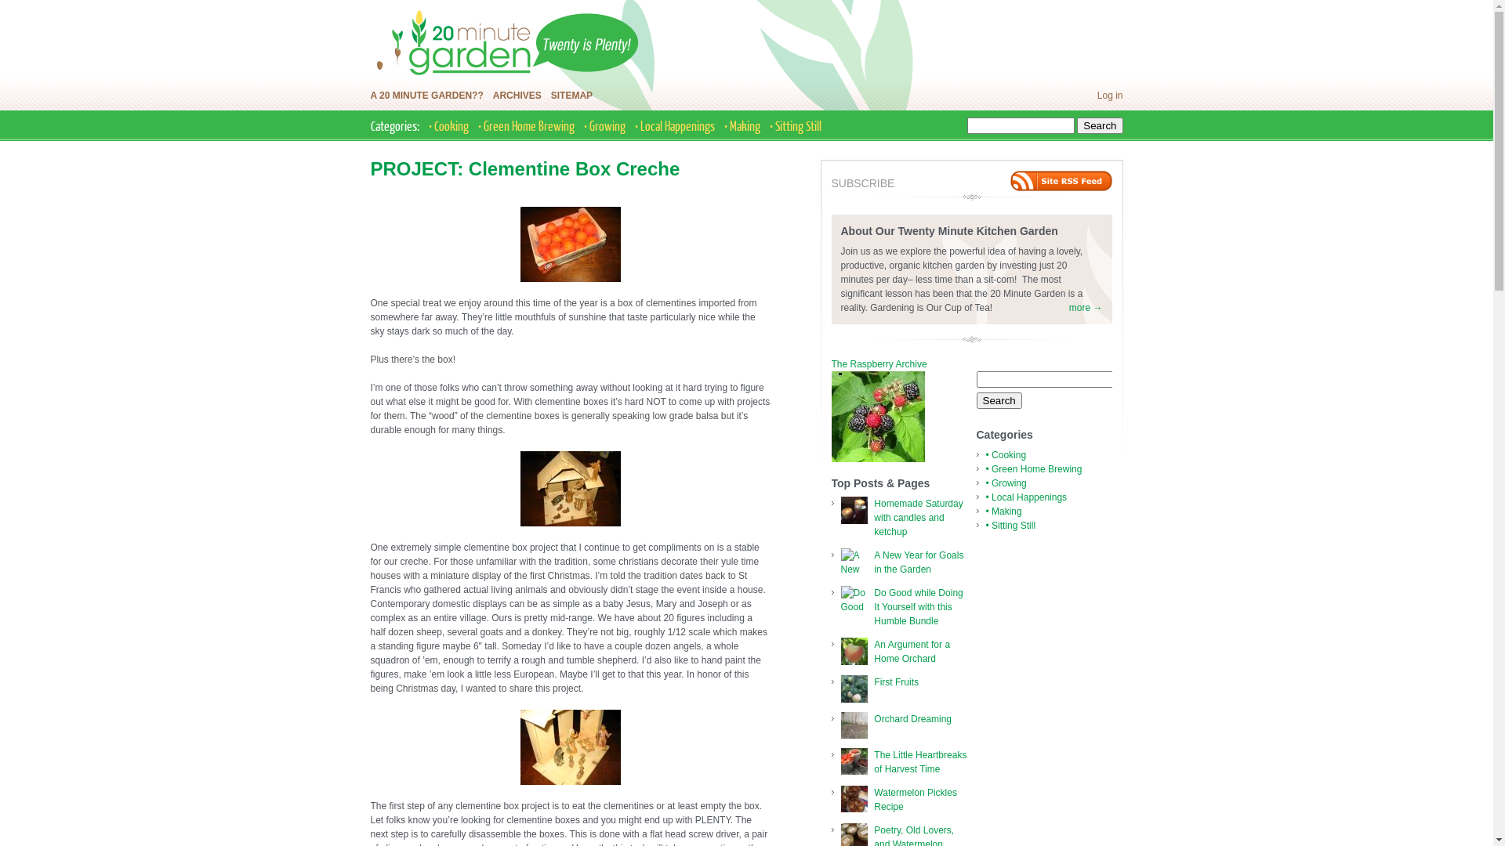 The height and width of the screenshot is (846, 1505). What do you see at coordinates (830, 364) in the screenshot?
I see `'The Raspberry Archive'` at bounding box center [830, 364].